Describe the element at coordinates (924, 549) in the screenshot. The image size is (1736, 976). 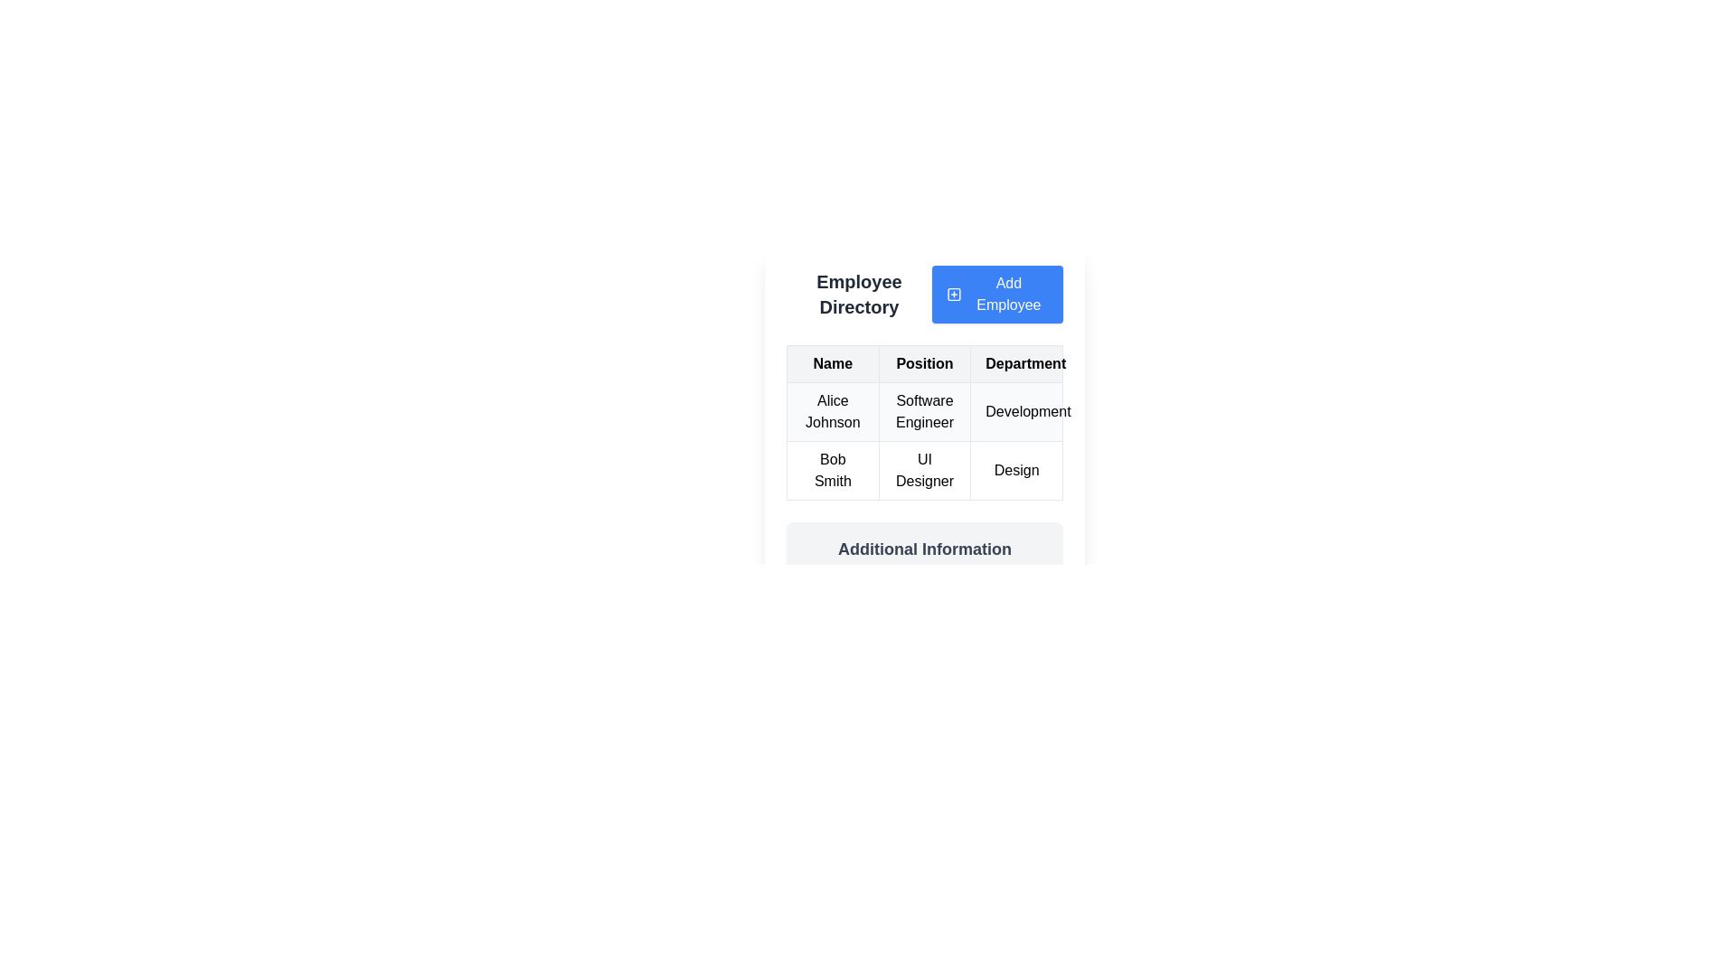
I see `the Text Label located just below the employee data table` at that location.